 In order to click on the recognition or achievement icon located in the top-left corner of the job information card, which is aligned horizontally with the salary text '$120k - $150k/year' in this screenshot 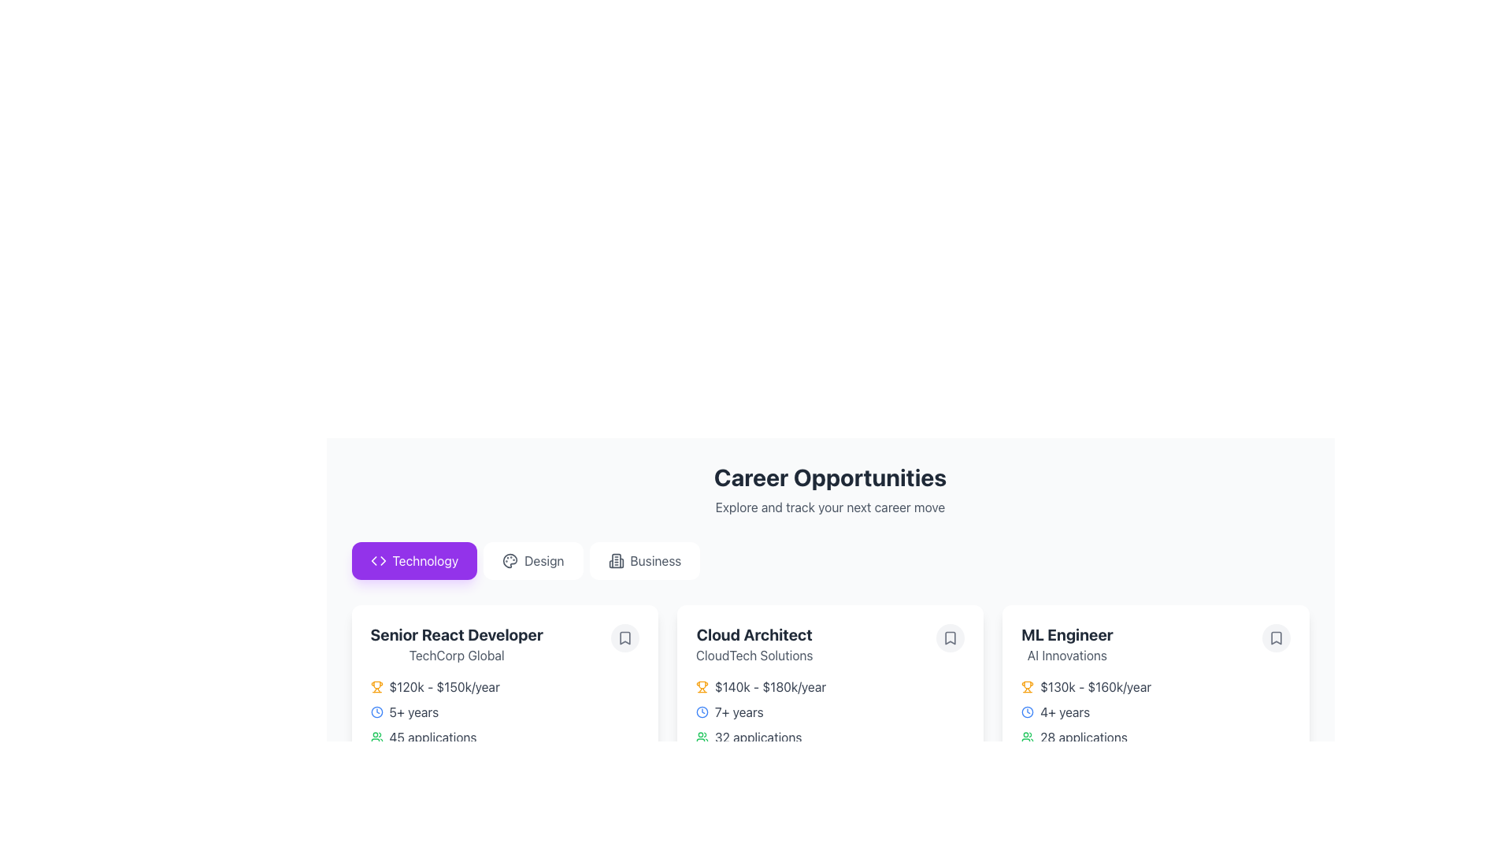, I will do `click(376, 686)`.